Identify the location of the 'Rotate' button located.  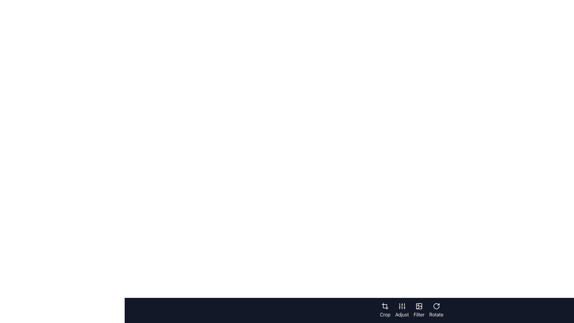
(436, 306).